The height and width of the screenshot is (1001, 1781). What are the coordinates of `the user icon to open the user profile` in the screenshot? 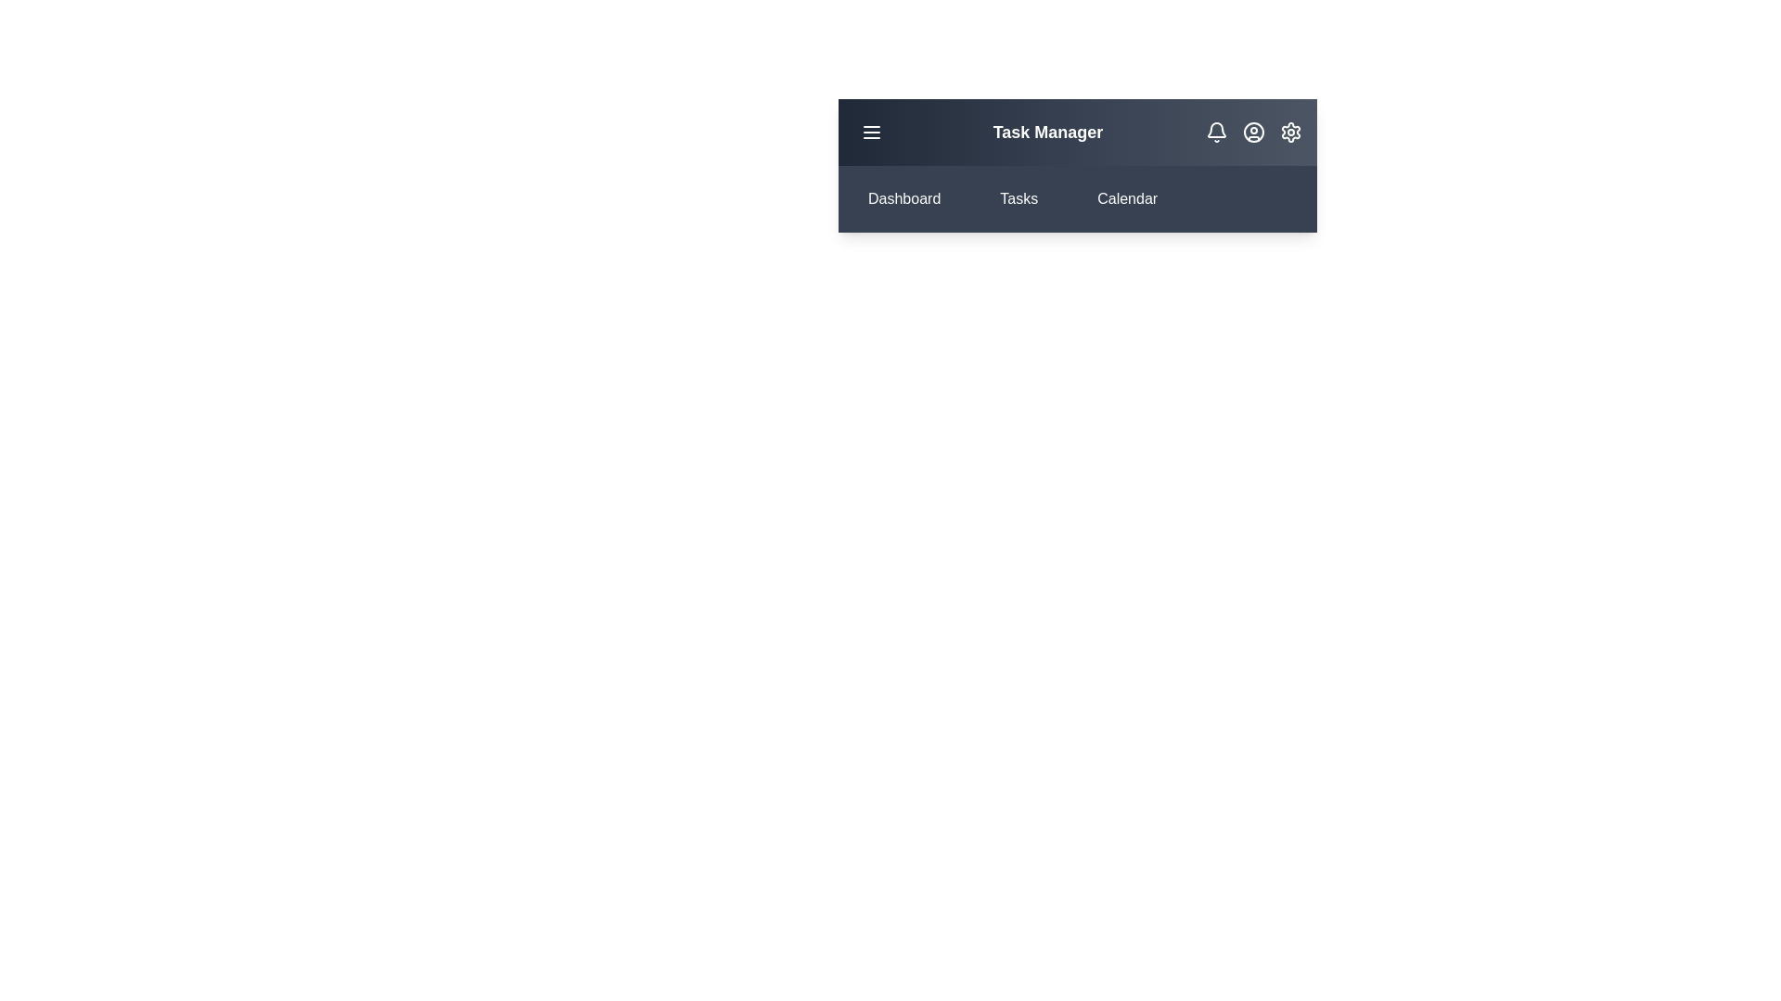 It's located at (1254, 131).